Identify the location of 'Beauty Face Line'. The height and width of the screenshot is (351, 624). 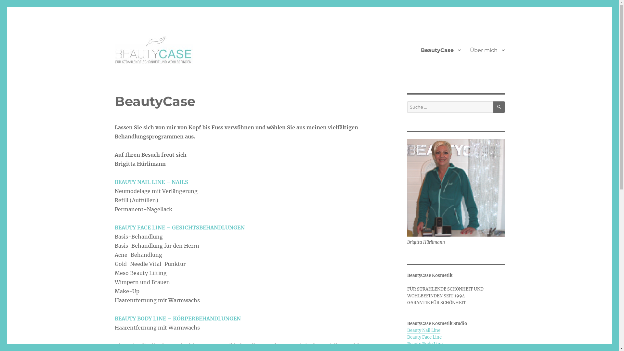
(424, 337).